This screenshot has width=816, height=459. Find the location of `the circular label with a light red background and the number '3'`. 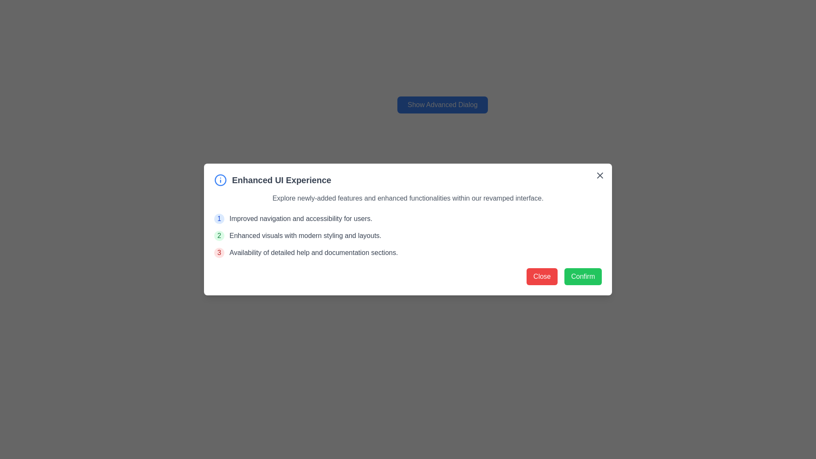

the circular label with a light red background and the number '3' is located at coordinates (219, 252).